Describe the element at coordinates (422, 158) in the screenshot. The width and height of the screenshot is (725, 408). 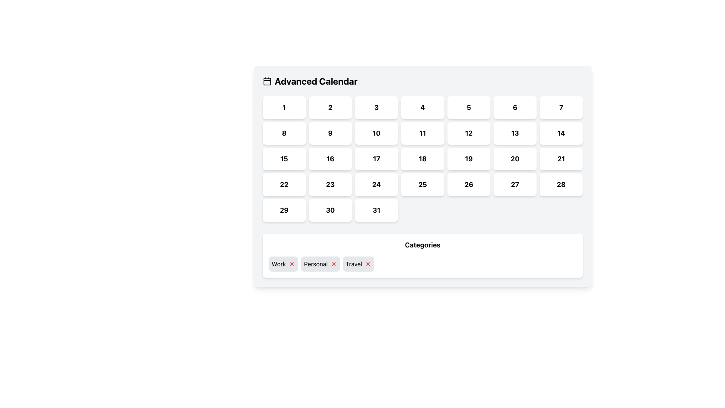
I see `to select the calendar day cell representing the day '18' located in the third row and fourth column of the calendar grid` at that location.